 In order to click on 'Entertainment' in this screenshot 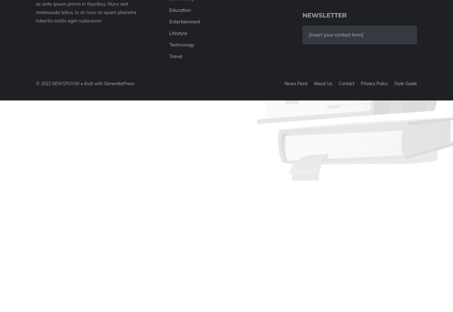, I will do `click(169, 21)`.